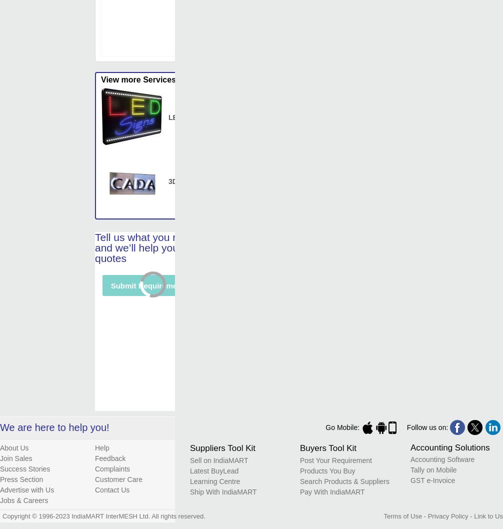 The width and height of the screenshot is (503, 529). What do you see at coordinates (238, 173) in the screenshot?
I see `'read more...'` at bounding box center [238, 173].